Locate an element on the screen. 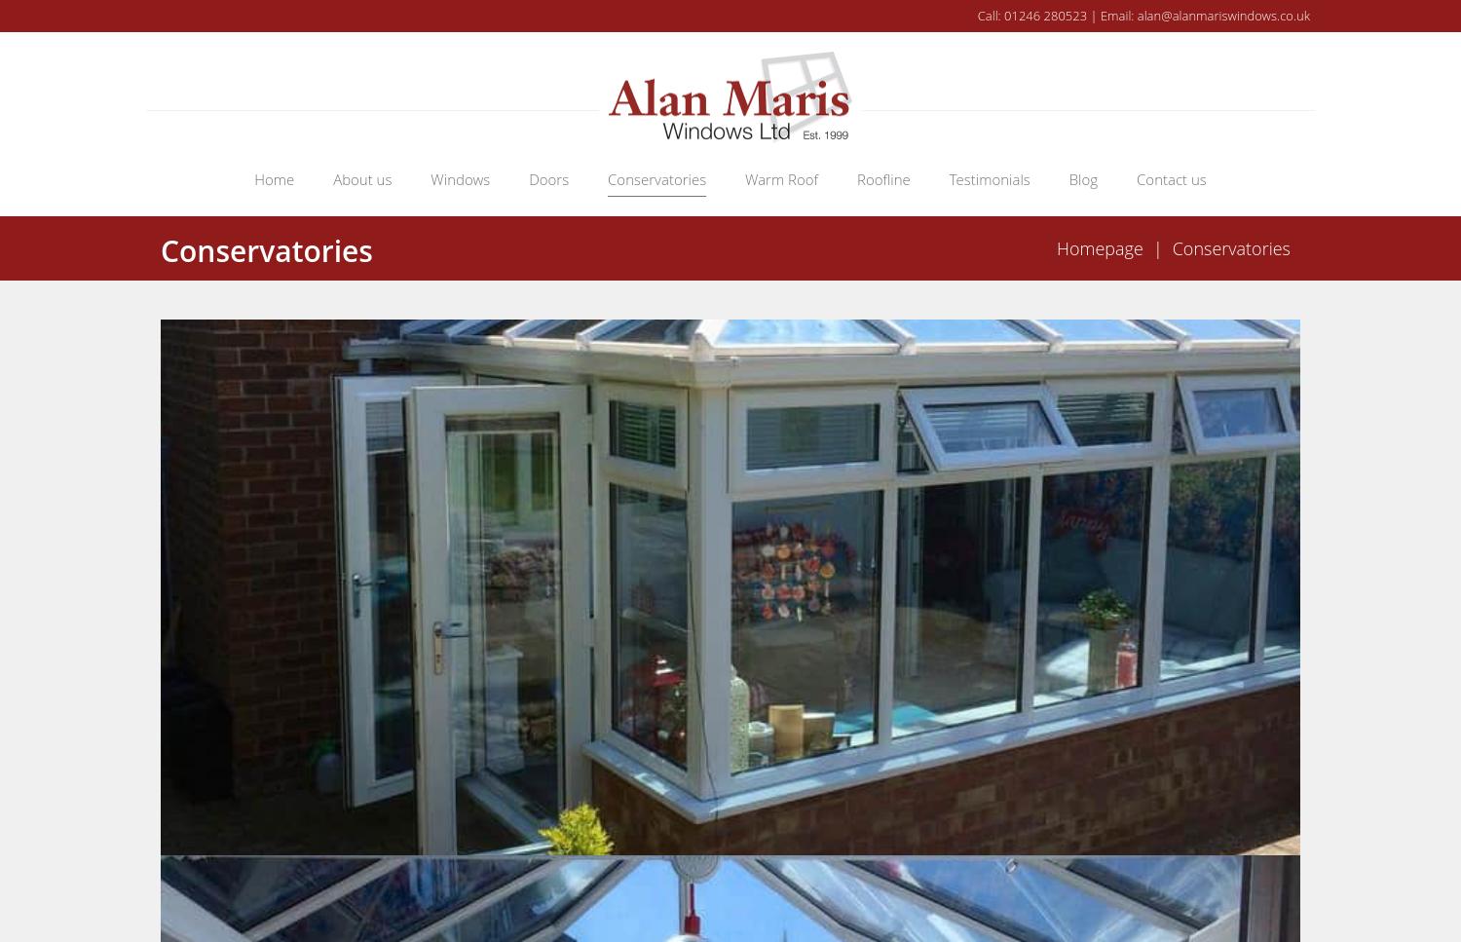  'Doors' is located at coordinates (529, 177).